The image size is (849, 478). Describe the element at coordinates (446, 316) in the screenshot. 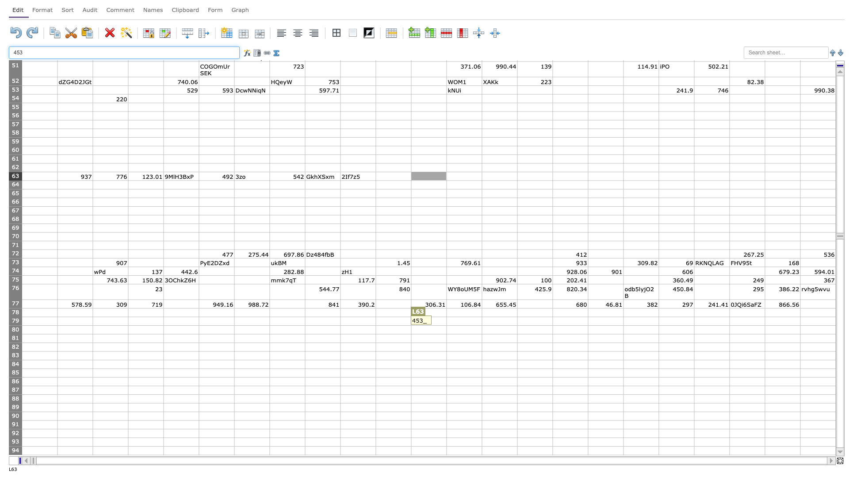

I see `top left corner of cell M79` at that location.